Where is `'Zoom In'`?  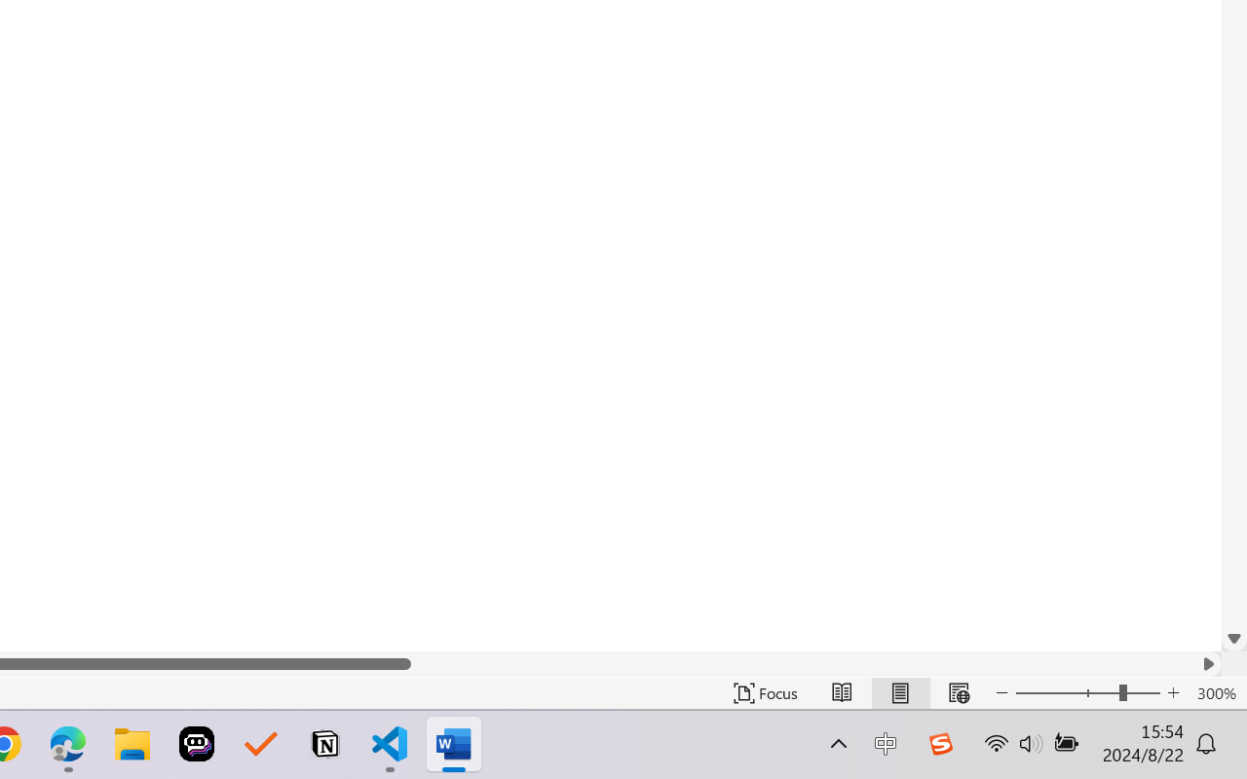
'Zoom In' is located at coordinates (1173, 692).